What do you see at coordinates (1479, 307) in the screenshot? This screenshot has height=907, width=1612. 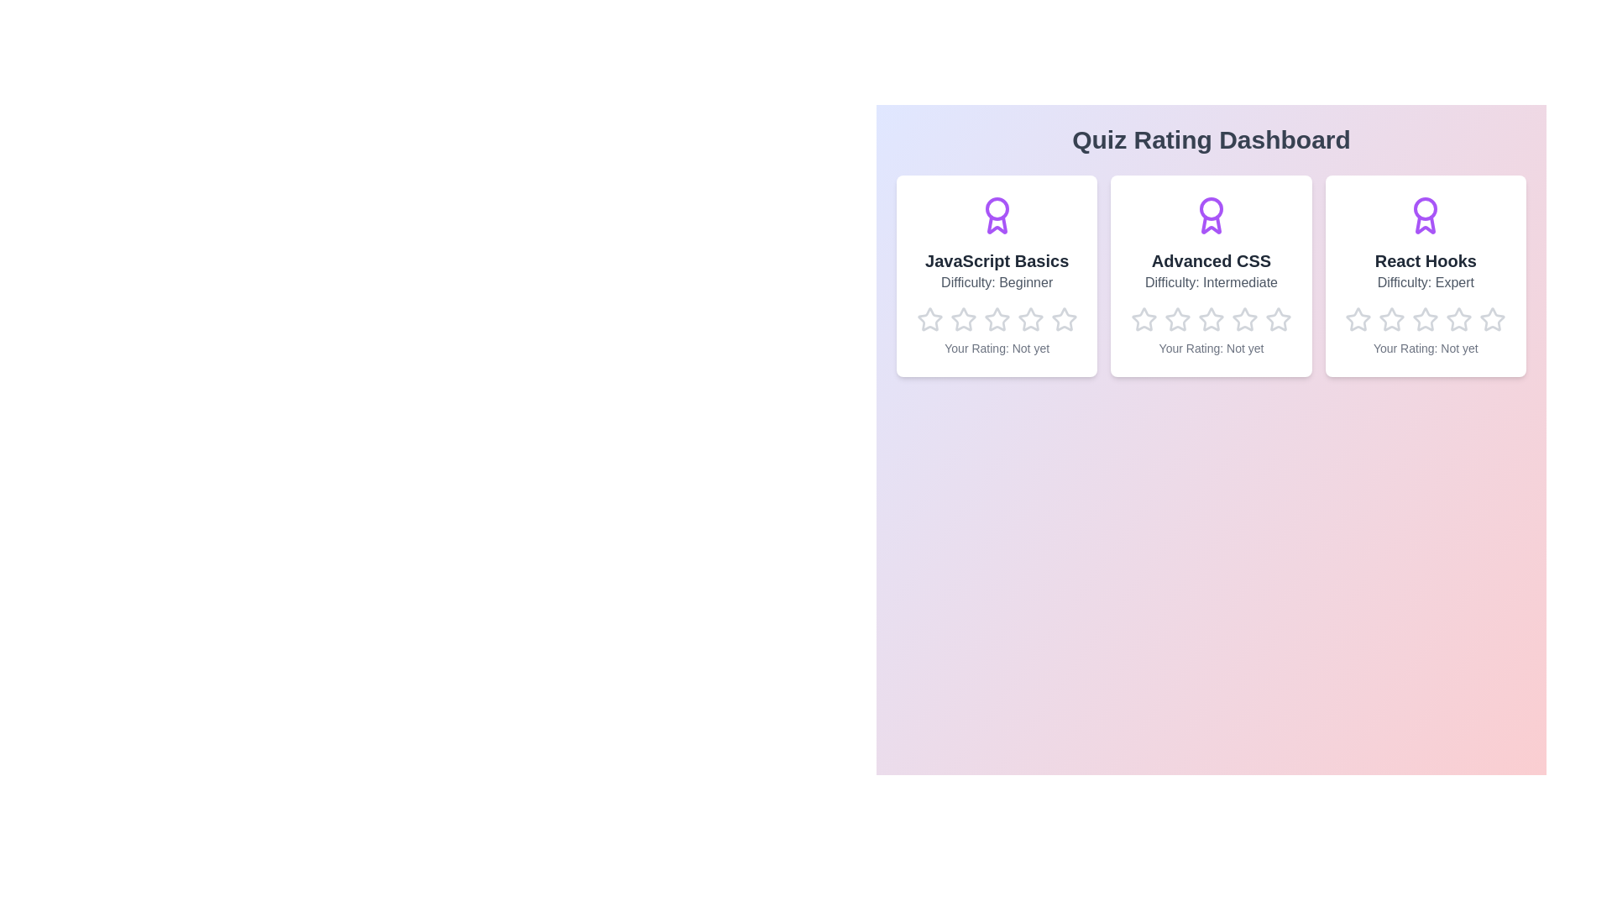 I see `the star corresponding to the rating 5 for the quiz React Hooks` at bounding box center [1479, 307].